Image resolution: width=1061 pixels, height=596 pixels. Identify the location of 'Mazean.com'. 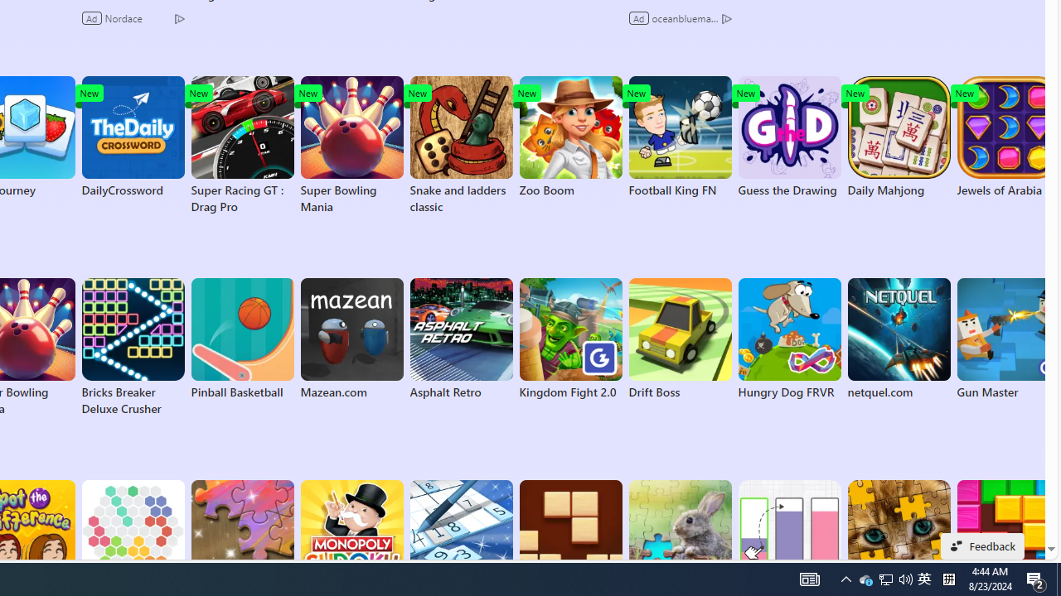
(351, 339).